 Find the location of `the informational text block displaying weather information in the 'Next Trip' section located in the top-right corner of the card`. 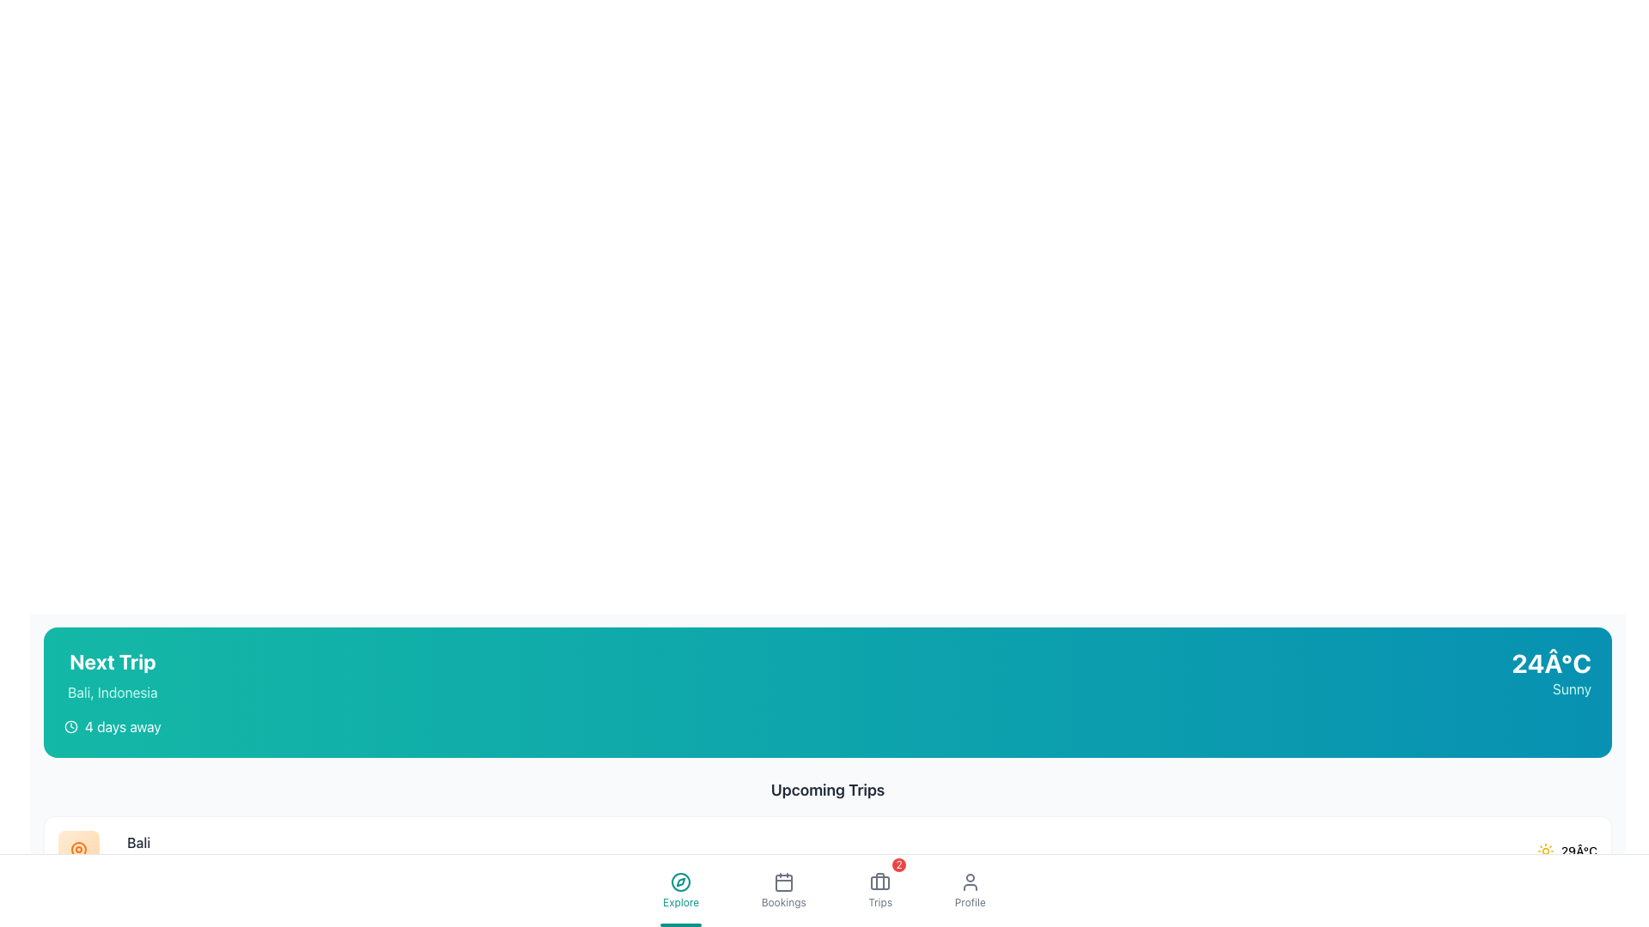

the informational text block displaying weather information in the 'Next Trip' section located in the top-right corner of the card is located at coordinates (1551, 673).